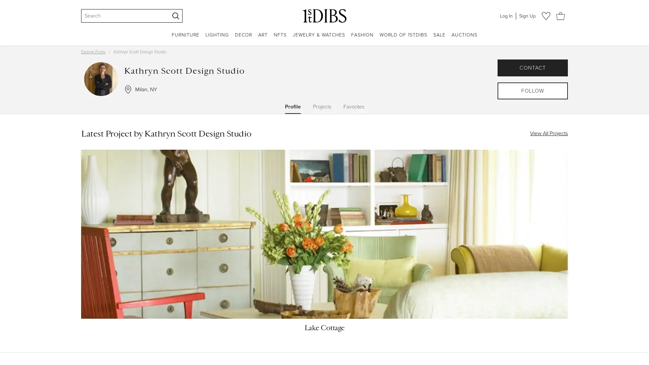 Image resolution: width=649 pixels, height=365 pixels. What do you see at coordinates (532, 68) in the screenshot?
I see `CONTACT` at bounding box center [532, 68].